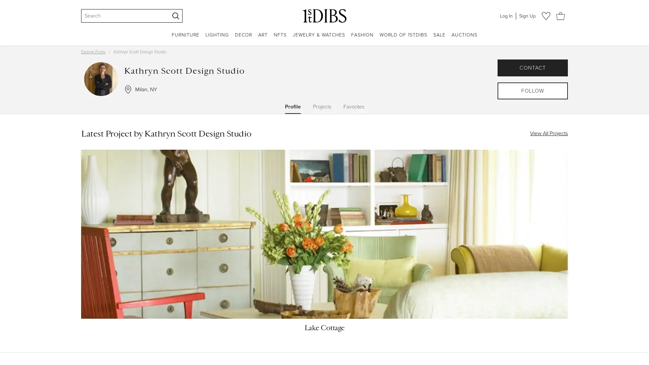 Image resolution: width=649 pixels, height=365 pixels. What do you see at coordinates (532, 68) in the screenshot?
I see `CONTACT` at bounding box center [532, 68].